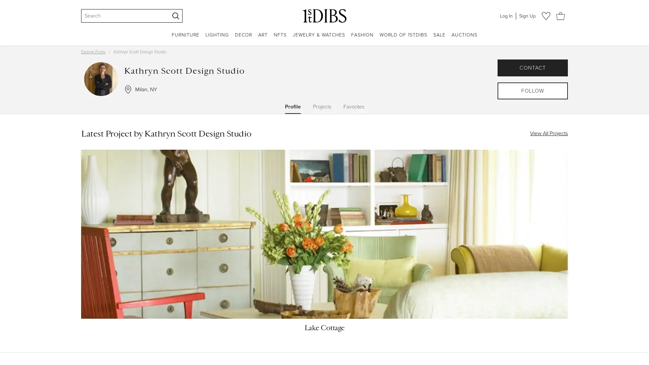 Image resolution: width=649 pixels, height=365 pixels. What do you see at coordinates (532, 68) in the screenshot?
I see `CONTACT` at bounding box center [532, 68].